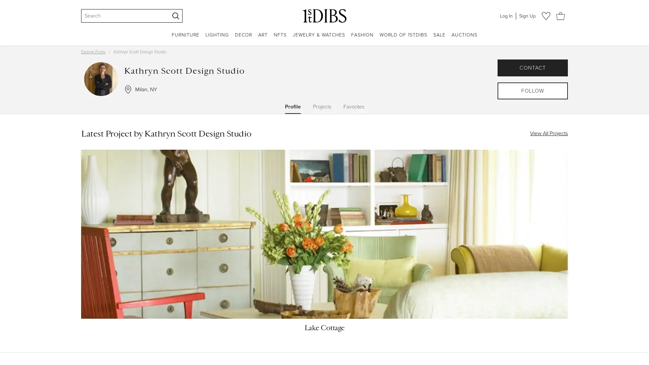 Image resolution: width=649 pixels, height=365 pixels. What do you see at coordinates (532, 68) in the screenshot?
I see `CONTACT` at bounding box center [532, 68].